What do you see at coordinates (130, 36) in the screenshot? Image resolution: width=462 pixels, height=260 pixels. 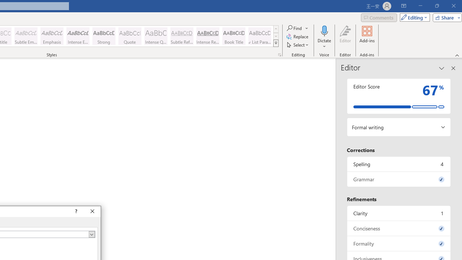 I see `'Quote'` at bounding box center [130, 36].